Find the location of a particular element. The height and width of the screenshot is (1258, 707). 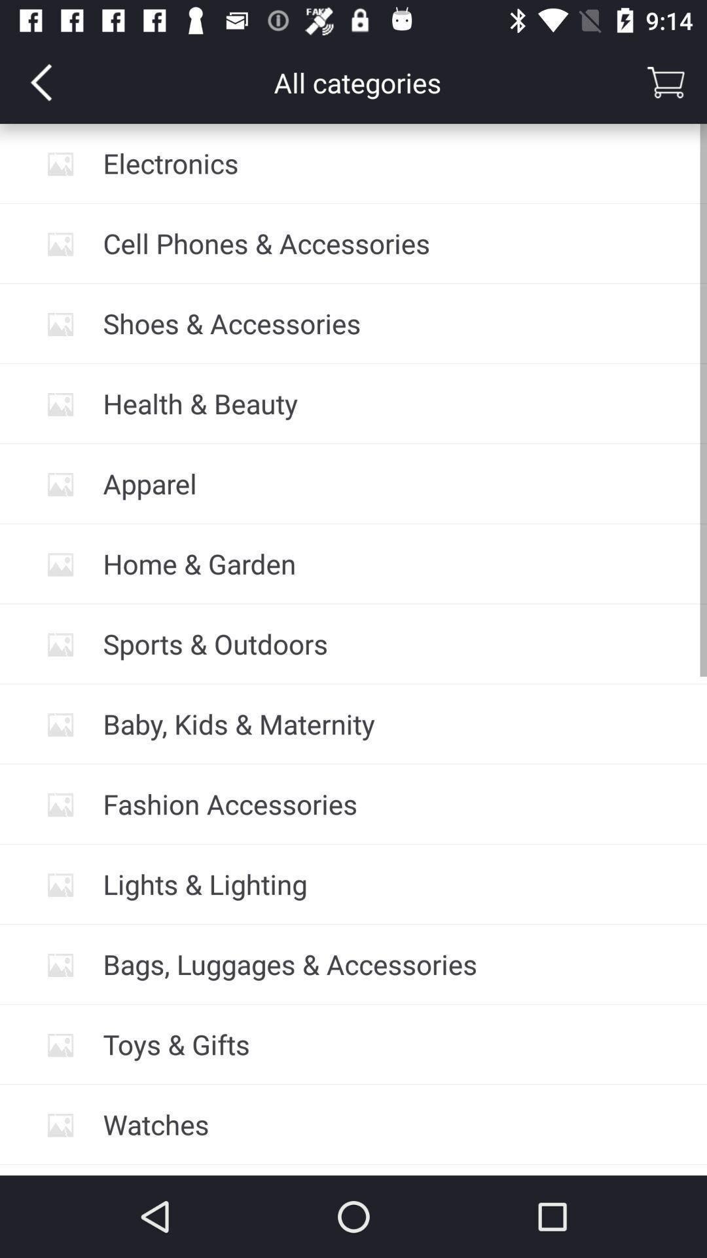

the arrow_backward icon is located at coordinates (40, 81).